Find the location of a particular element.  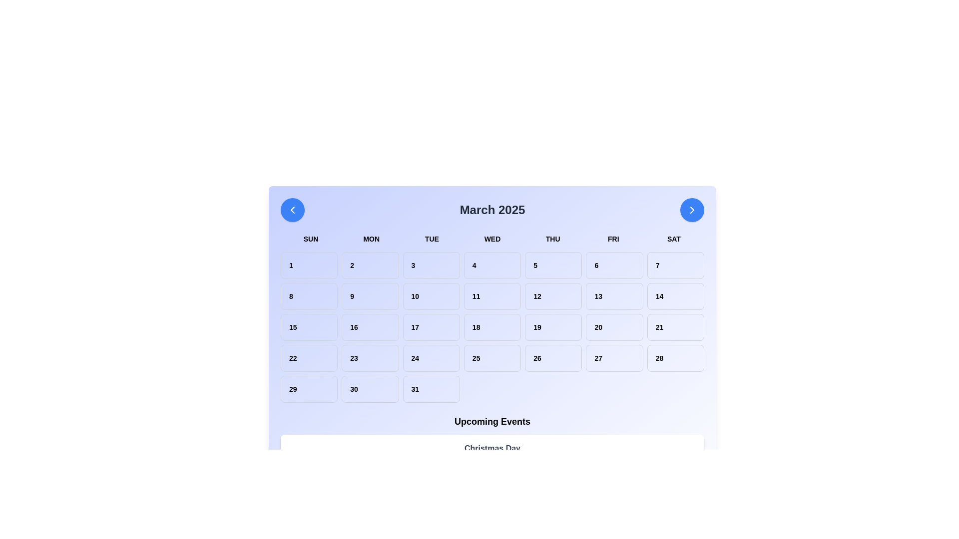

the interactive calendar date cell representing the date '18' is located at coordinates (492, 327).